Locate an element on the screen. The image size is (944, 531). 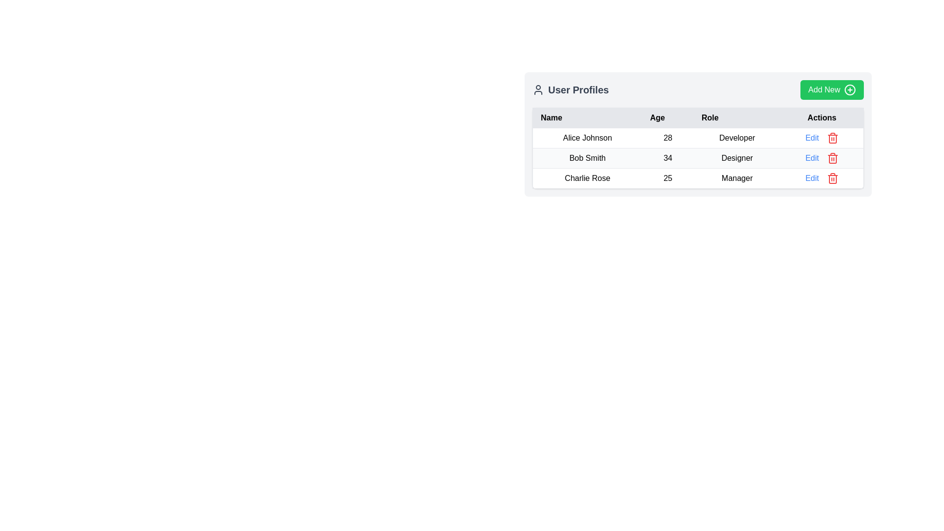
the first 'Edit' hyperlink in the 'Actions' column of the table for user 'Alice Johnson' is located at coordinates (812, 138).